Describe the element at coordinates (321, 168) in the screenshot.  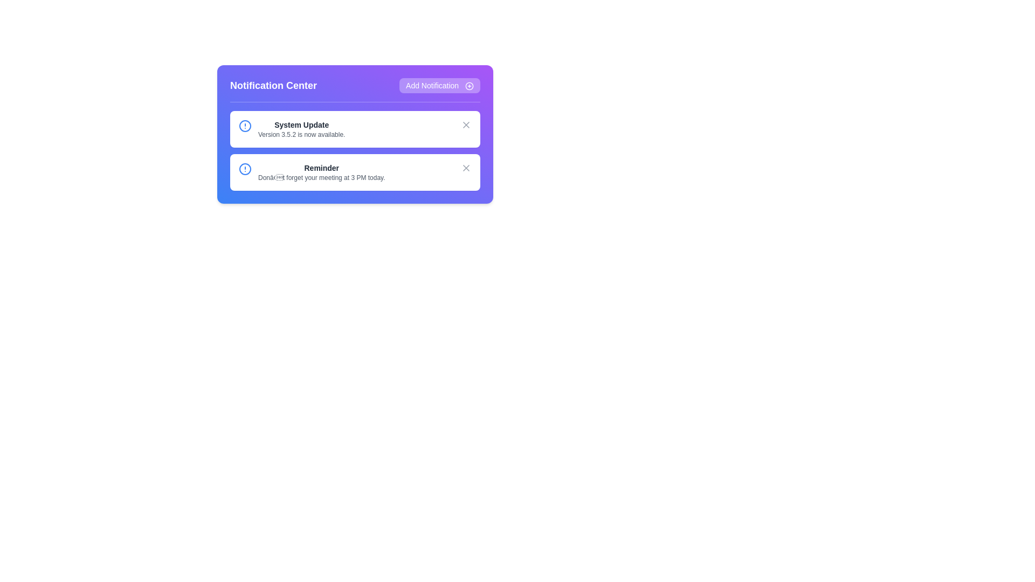
I see `the static text element displaying the word 'Reminder' in bold grayish-black font, located at the top-left edge of the notification card` at that location.